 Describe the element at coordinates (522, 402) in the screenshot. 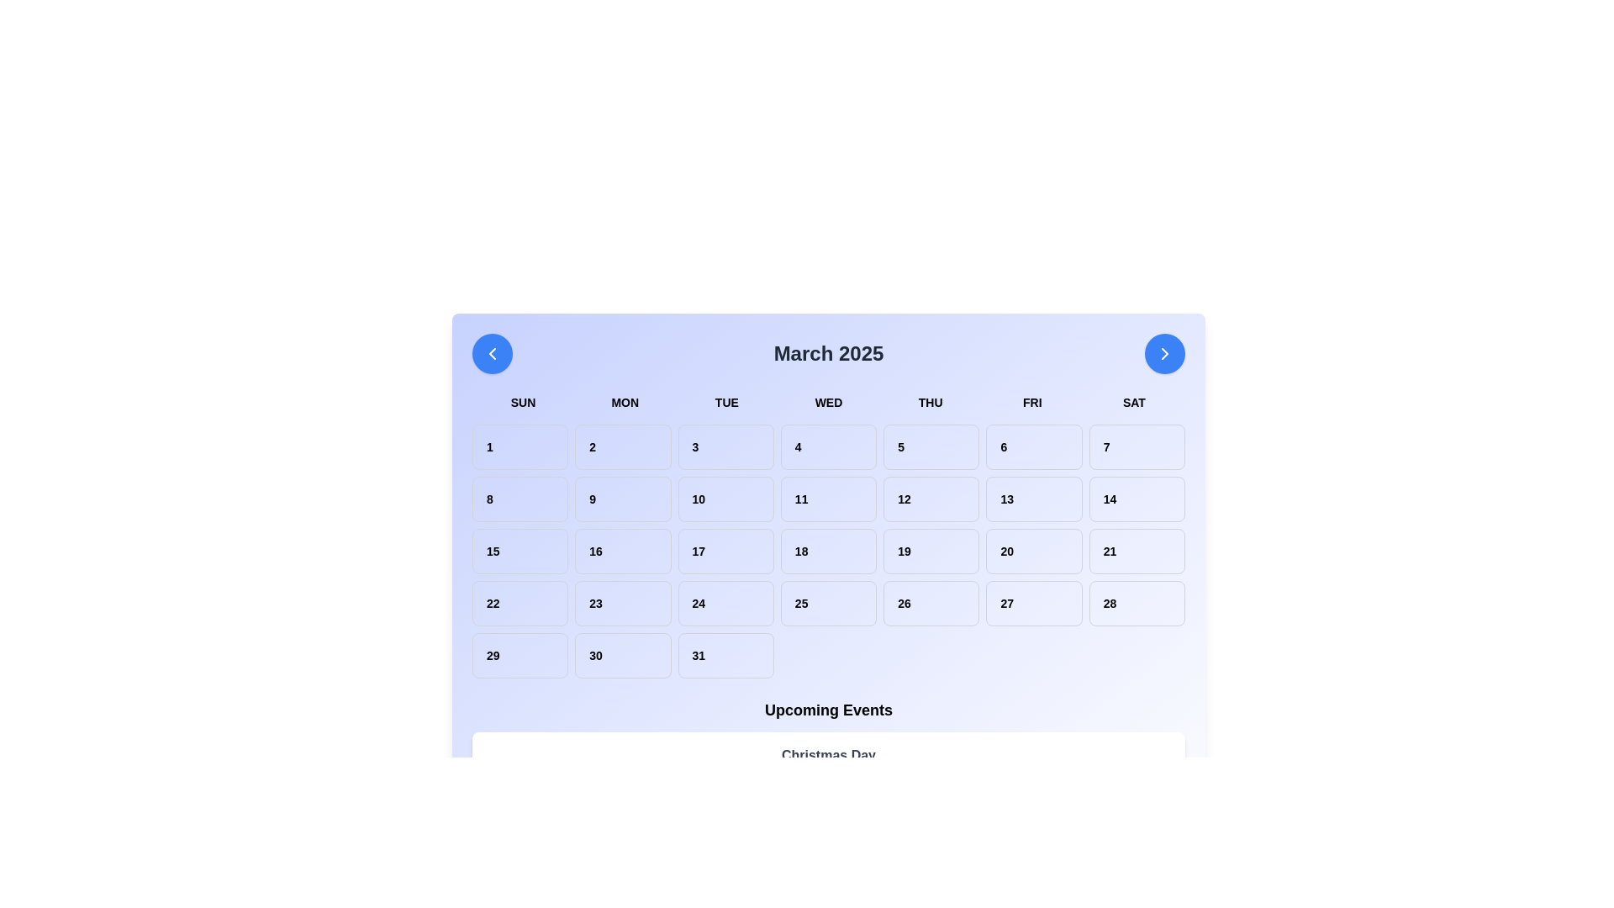

I see `the text label displaying 'Sun' in bold, uppercase font, which is the first day of the week located in the first column of the week header row of the calendar` at that location.